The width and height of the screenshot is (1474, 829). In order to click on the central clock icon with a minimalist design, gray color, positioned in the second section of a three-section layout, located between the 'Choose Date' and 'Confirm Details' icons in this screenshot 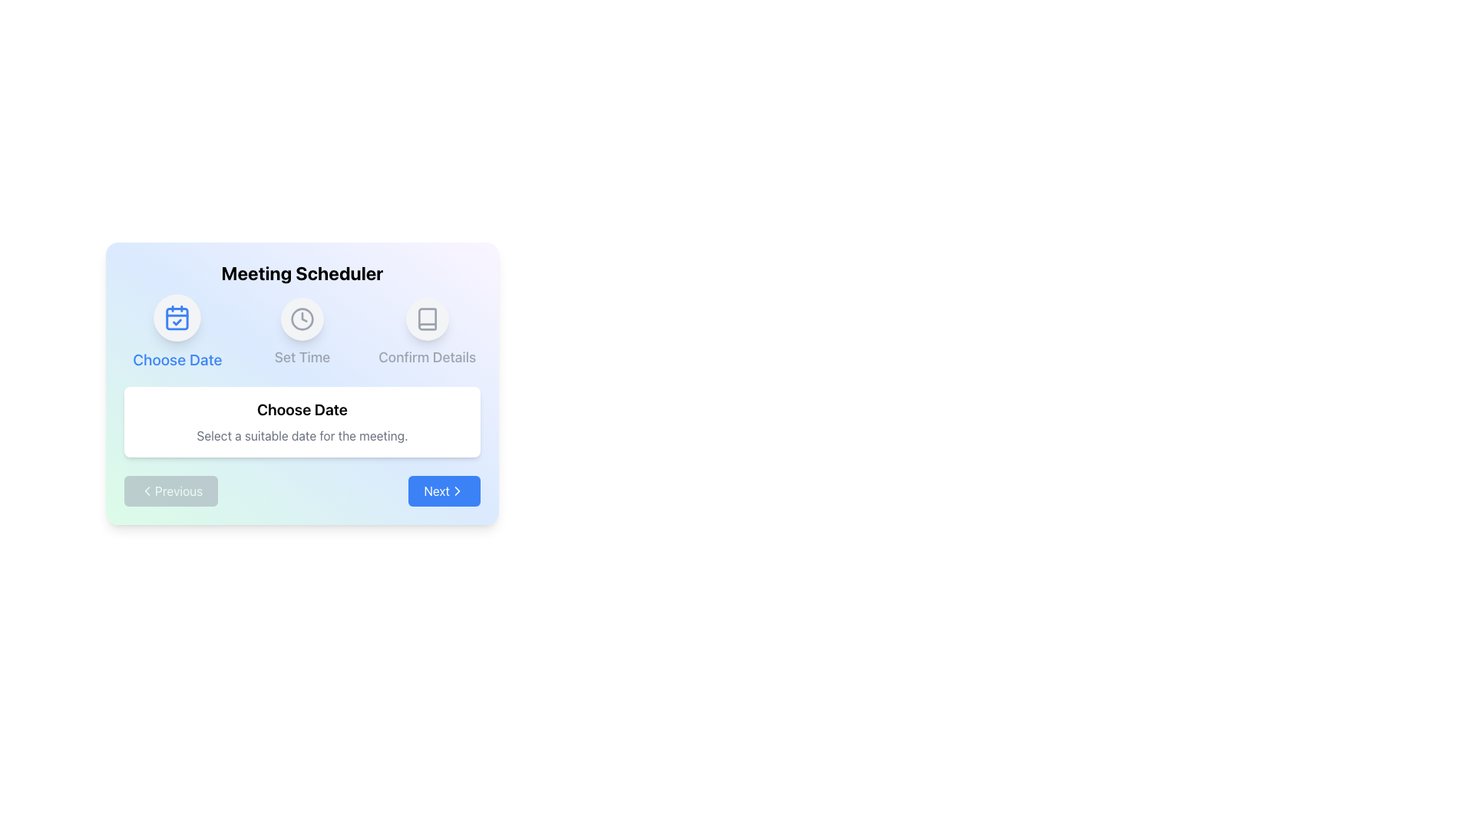, I will do `click(302, 319)`.